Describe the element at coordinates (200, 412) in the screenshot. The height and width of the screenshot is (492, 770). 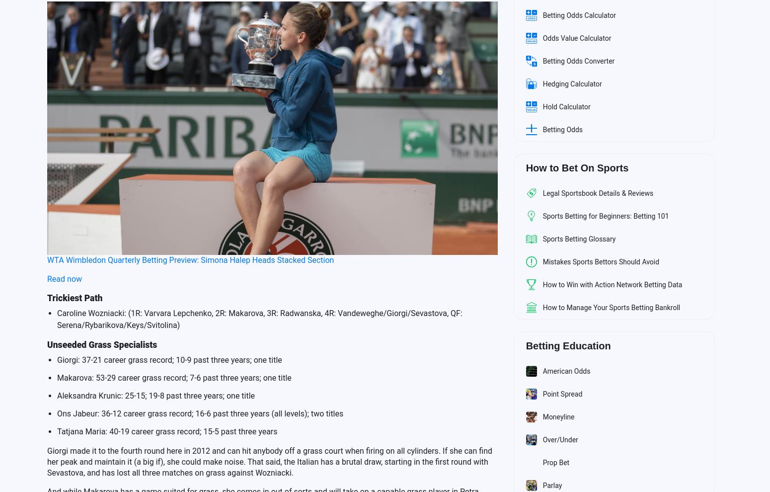
I see `'Ons Jabeur: 36-12 career grass record; 16-6 past three years (all levels); two titles'` at that location.